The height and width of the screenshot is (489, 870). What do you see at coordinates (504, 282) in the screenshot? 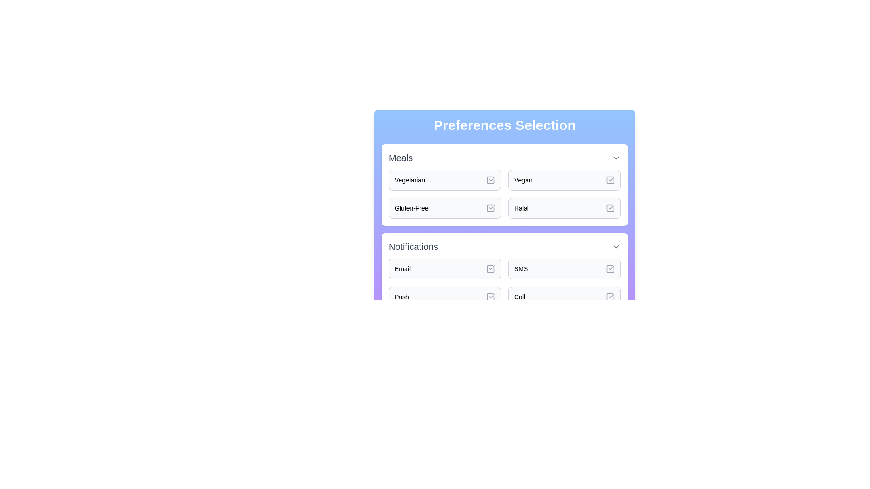
I see `the checkboxes in the Grid layout for 'Email', 'SMS', 'Push', and 'Call'` at bounding box center [504, 282].